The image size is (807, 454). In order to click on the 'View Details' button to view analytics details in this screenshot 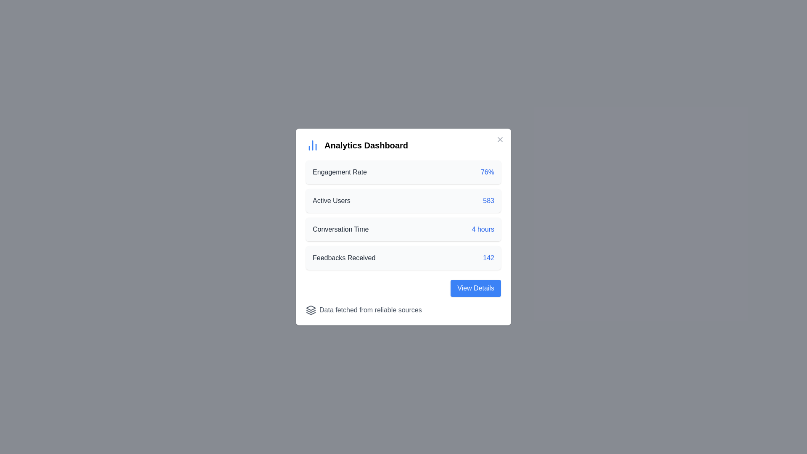, I will do `click(476, 288)`.